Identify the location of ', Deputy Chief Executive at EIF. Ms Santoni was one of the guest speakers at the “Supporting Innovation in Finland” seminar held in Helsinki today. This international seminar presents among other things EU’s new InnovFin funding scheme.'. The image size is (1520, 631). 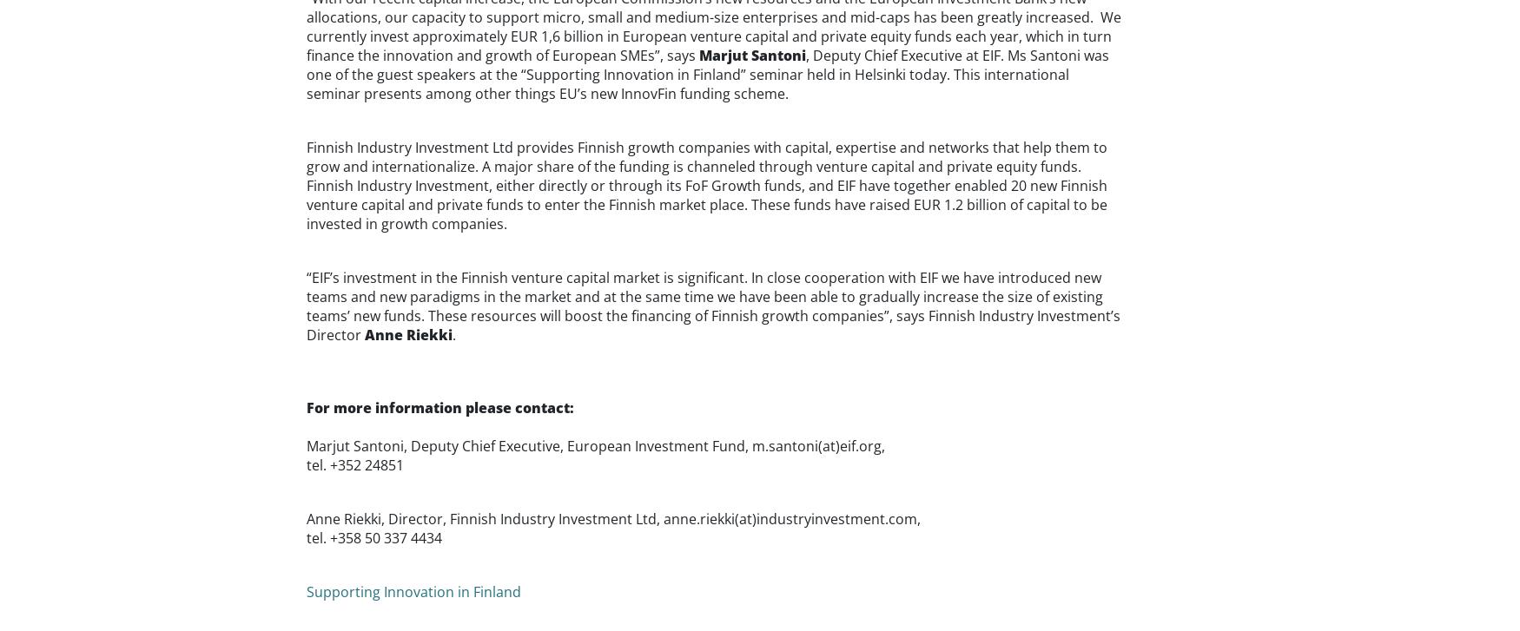
(705, 75).